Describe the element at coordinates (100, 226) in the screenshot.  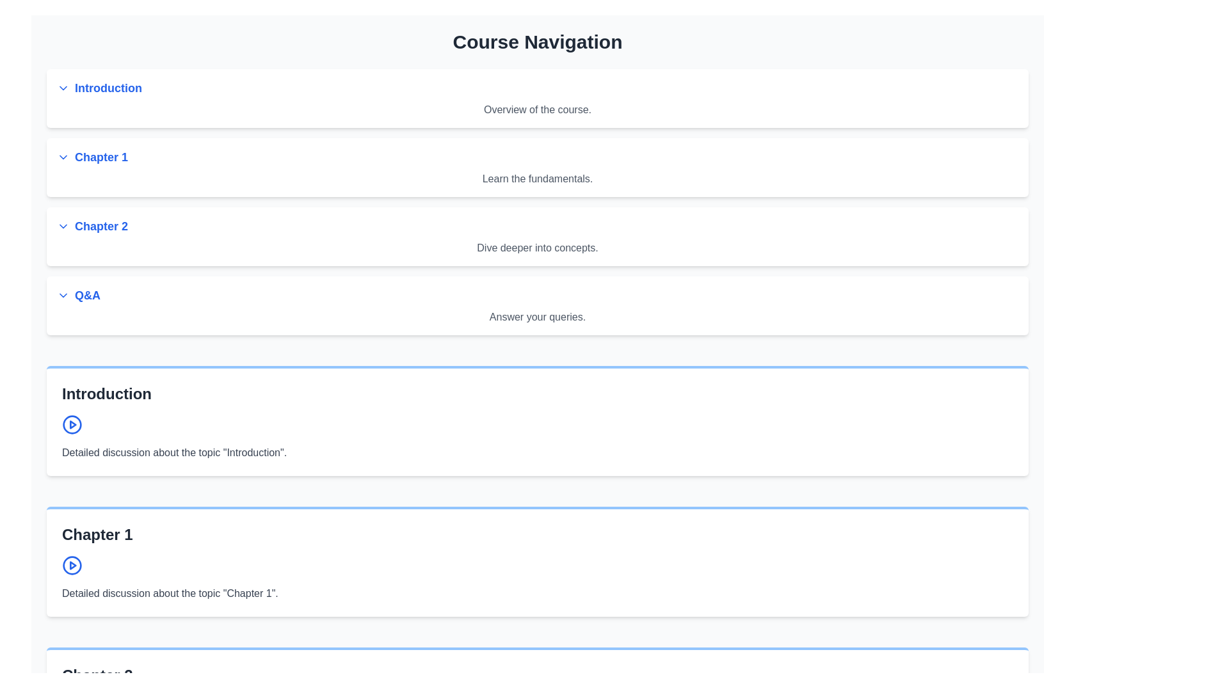
I see `the 'Chapter 2' navigation link text element for keyboard navigation` at that location.